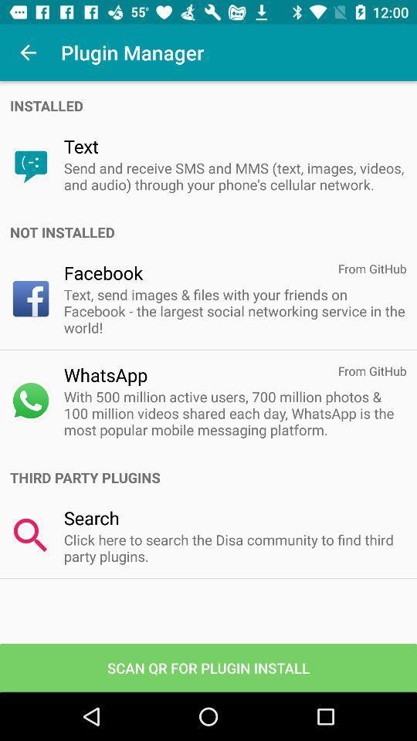 The image size is (417, 741). What do you see at coordinates (212, 232) in the screenshot?
I see `the app above from github` at bounding box center [212, 232].